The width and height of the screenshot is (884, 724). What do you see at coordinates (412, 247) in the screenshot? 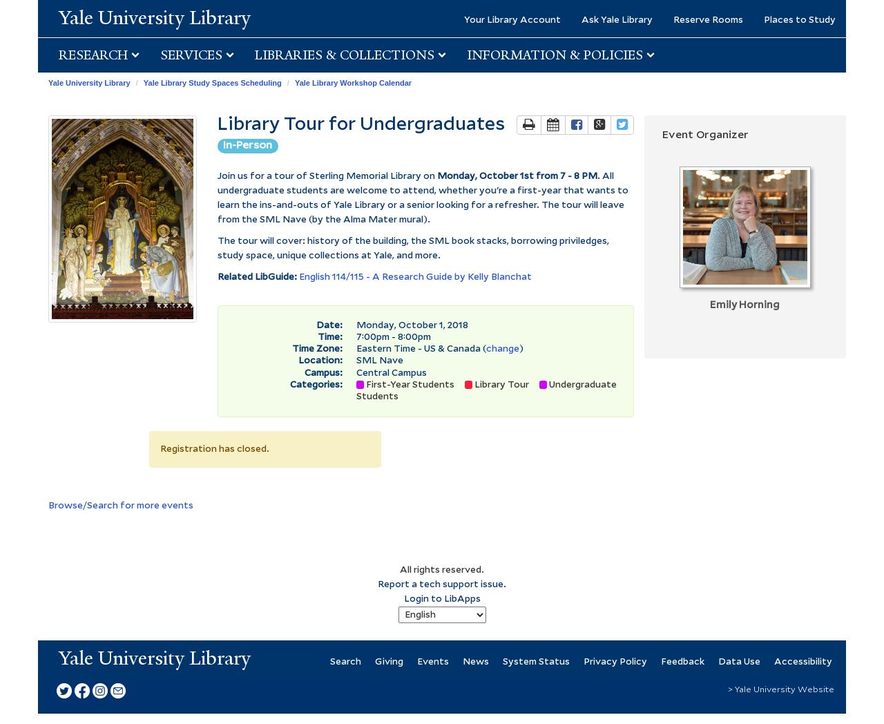
I see `'The tour will cover: history of the building, the SML book stacks, borrowing priviledges, study space, unique collections at Yale, and more.'` at bounding box center [412, 247].